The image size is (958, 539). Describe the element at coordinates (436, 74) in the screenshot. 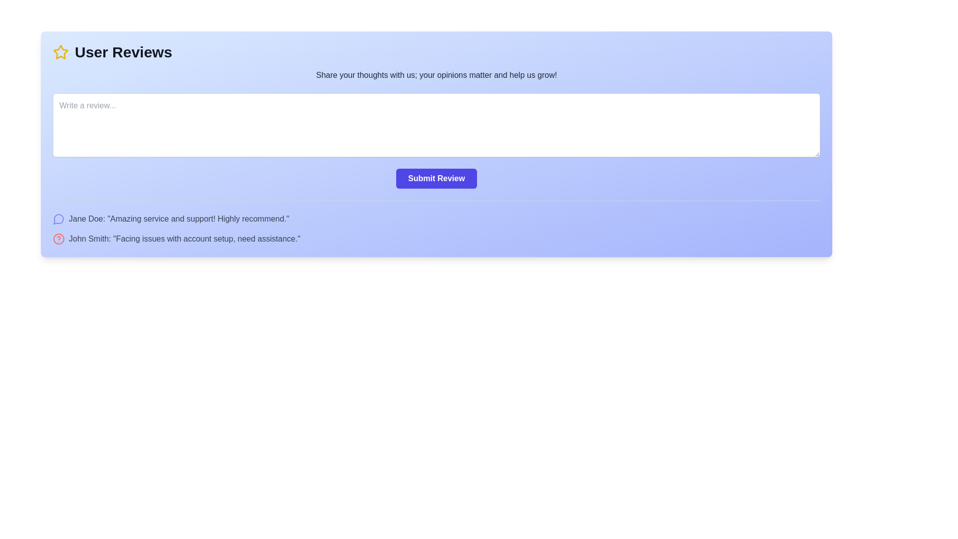

I see `motivational prompt text block located between the header and the input area for writing reviews` at that location.